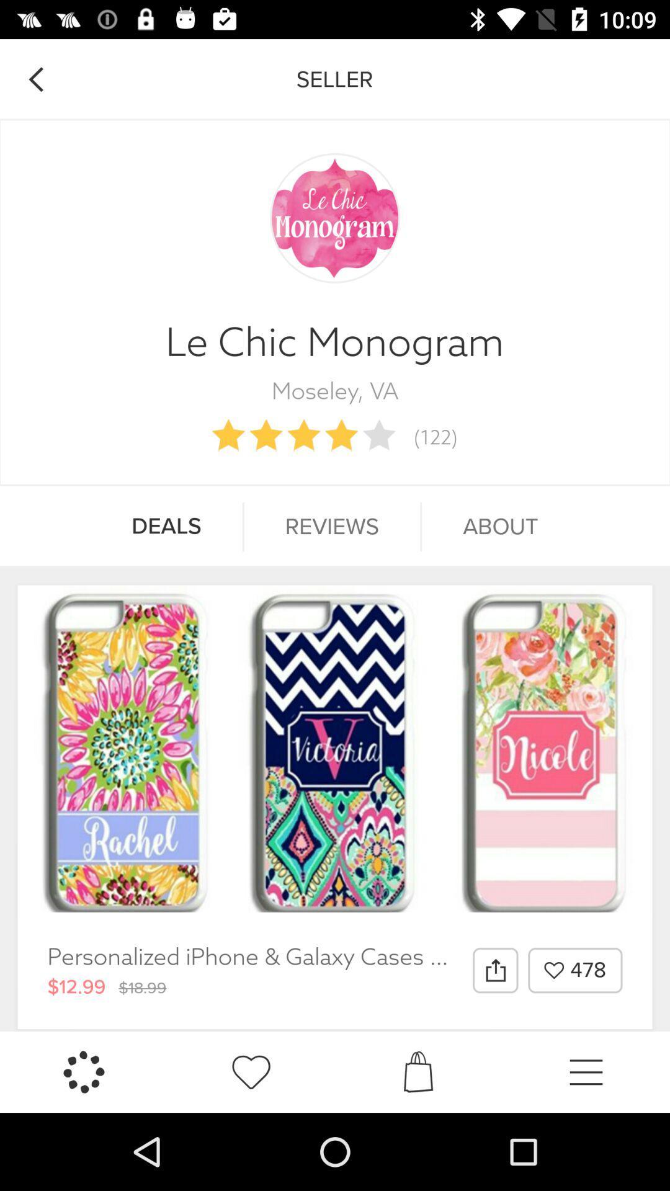  I want to click on the icon next to personalized iphone galaxy item, so click(494, 970).